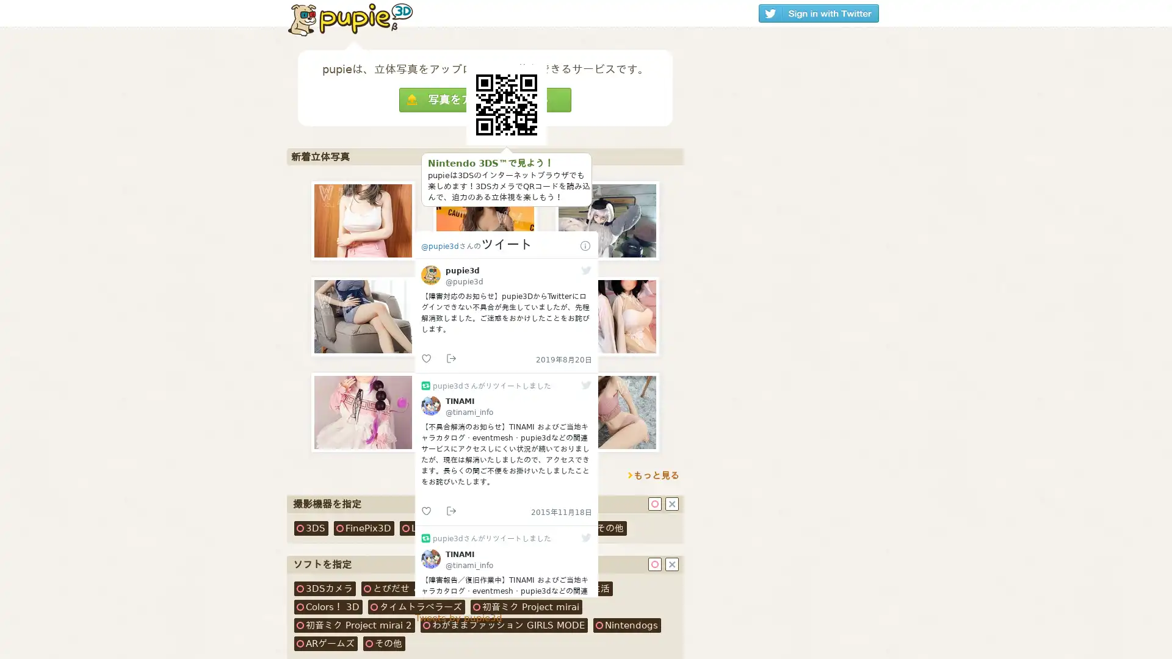  What do you see at coordinates (353, 625) in the screenshot?
I see `Project mirai 2` at bounding box center [353, 625].